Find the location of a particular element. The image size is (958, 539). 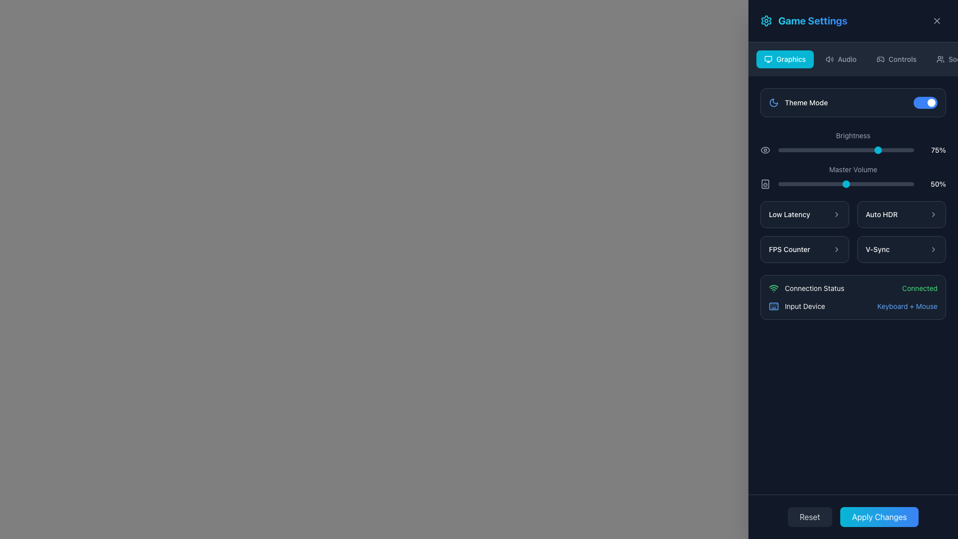

the master volume is located at coordinates (805, 184).